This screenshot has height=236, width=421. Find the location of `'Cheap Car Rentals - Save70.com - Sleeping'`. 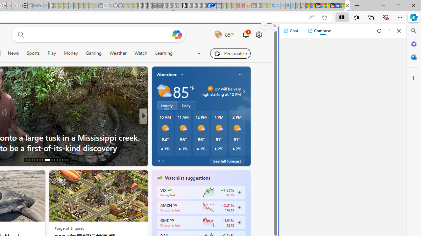

'Cheap Car Rentals - Save70.com - Sleeping' is located at coordinates (40, 6).